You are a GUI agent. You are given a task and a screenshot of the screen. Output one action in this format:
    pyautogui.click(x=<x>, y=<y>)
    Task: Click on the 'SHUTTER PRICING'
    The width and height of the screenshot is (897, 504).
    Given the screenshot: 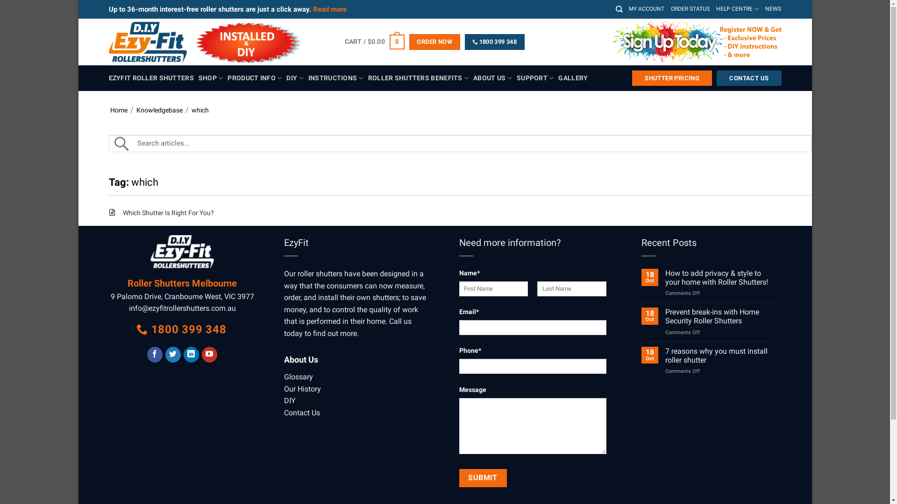 What is the action you would take?
    pyautogui.click(x=671, y=78)
    